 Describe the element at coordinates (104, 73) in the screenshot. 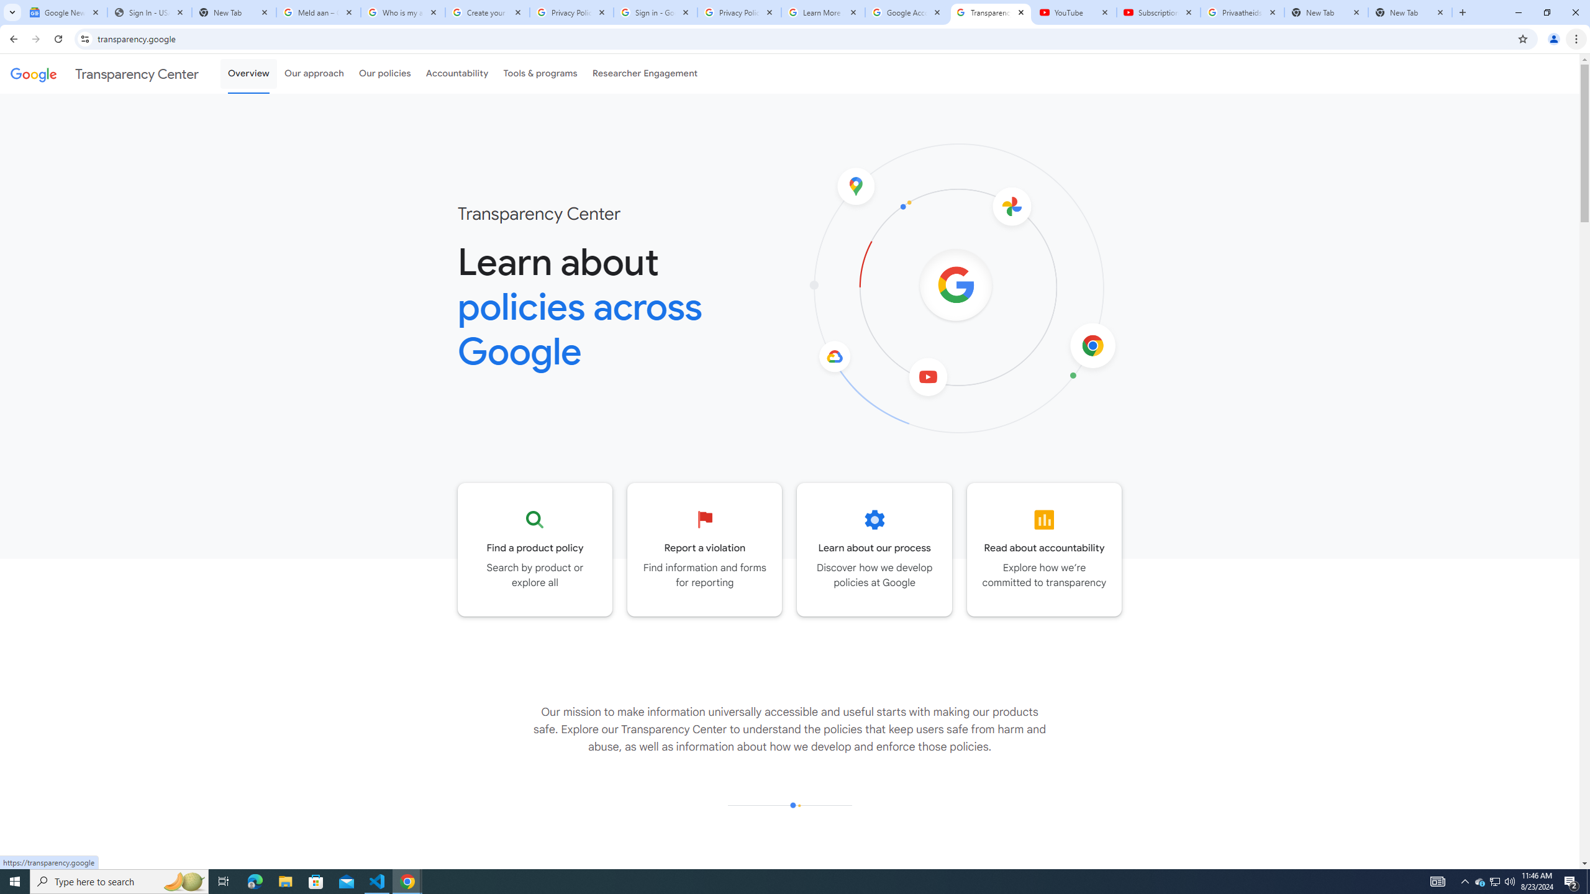

I see `'Transparency Center'` at that location.